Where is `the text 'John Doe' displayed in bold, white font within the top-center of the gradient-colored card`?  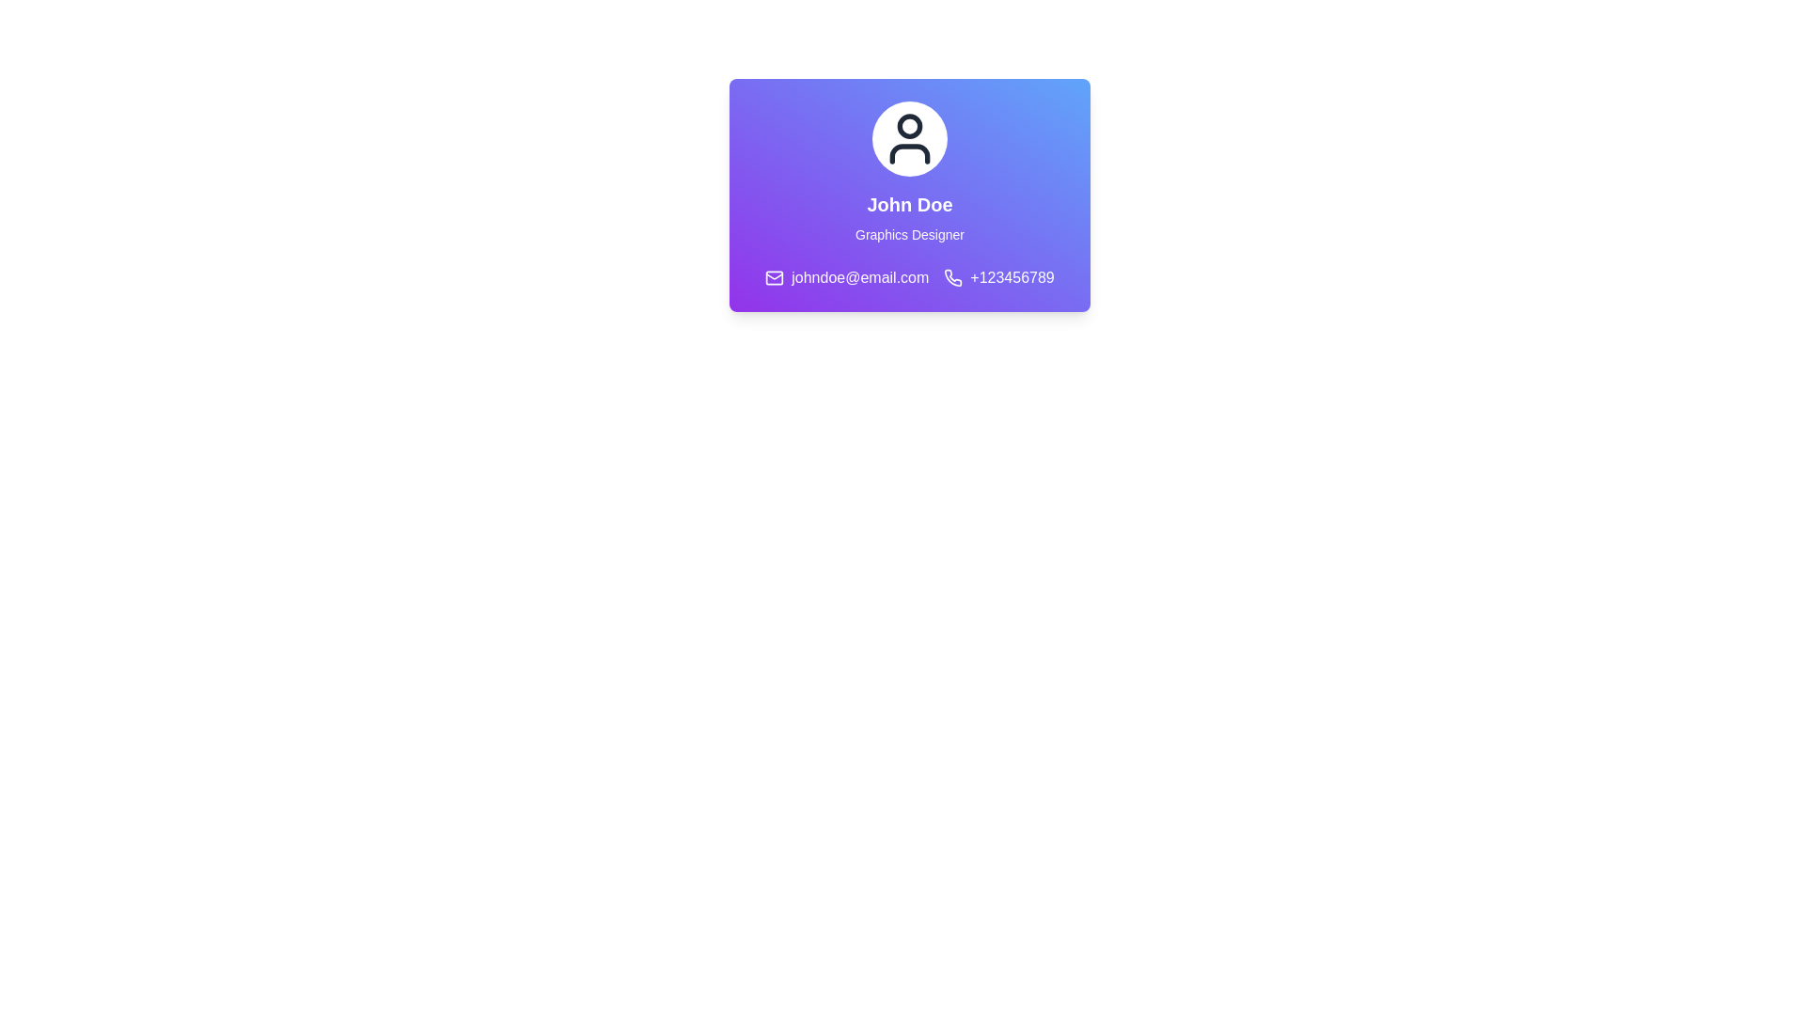 the text 'John Doe' displayed in bold, white font within the top-center of the gradient-colored card is located at coordinates (910, 205).